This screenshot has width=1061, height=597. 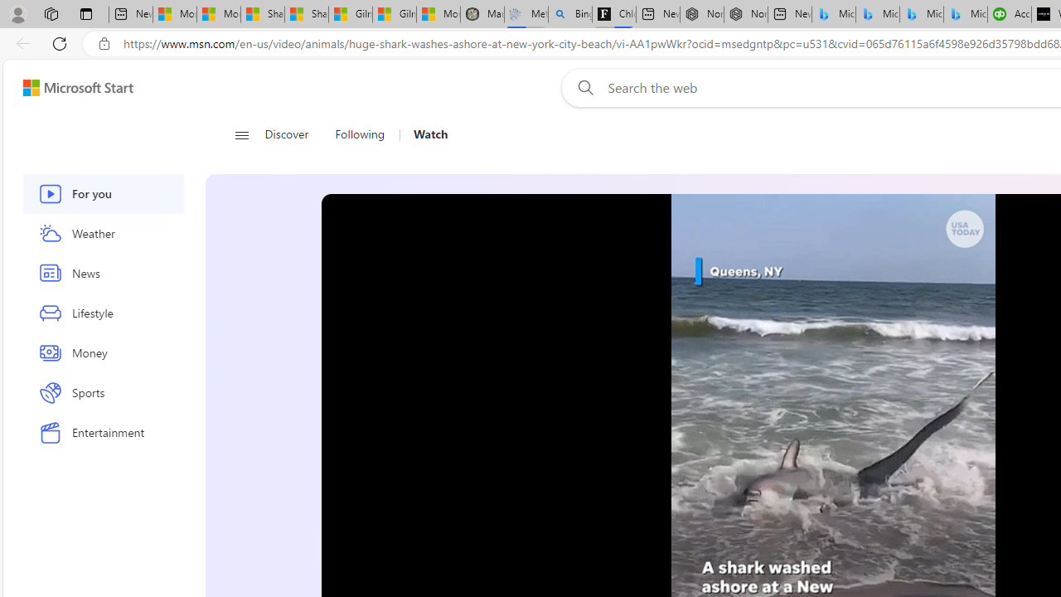 I want to click on 'Chloe Sorvino', so click(x=613, y=14).